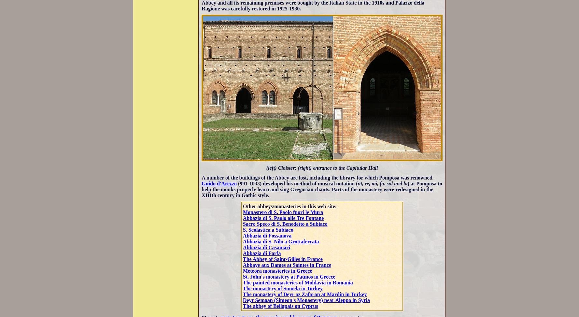  Describe the element at coordinates (201, 189) in the screenshot. I see `') at Pomposa to help the monks properly learn and sing Gregorian chants. Parts of the monastery were redesigned in the XIIIth century in Gothic style.'` at that location.